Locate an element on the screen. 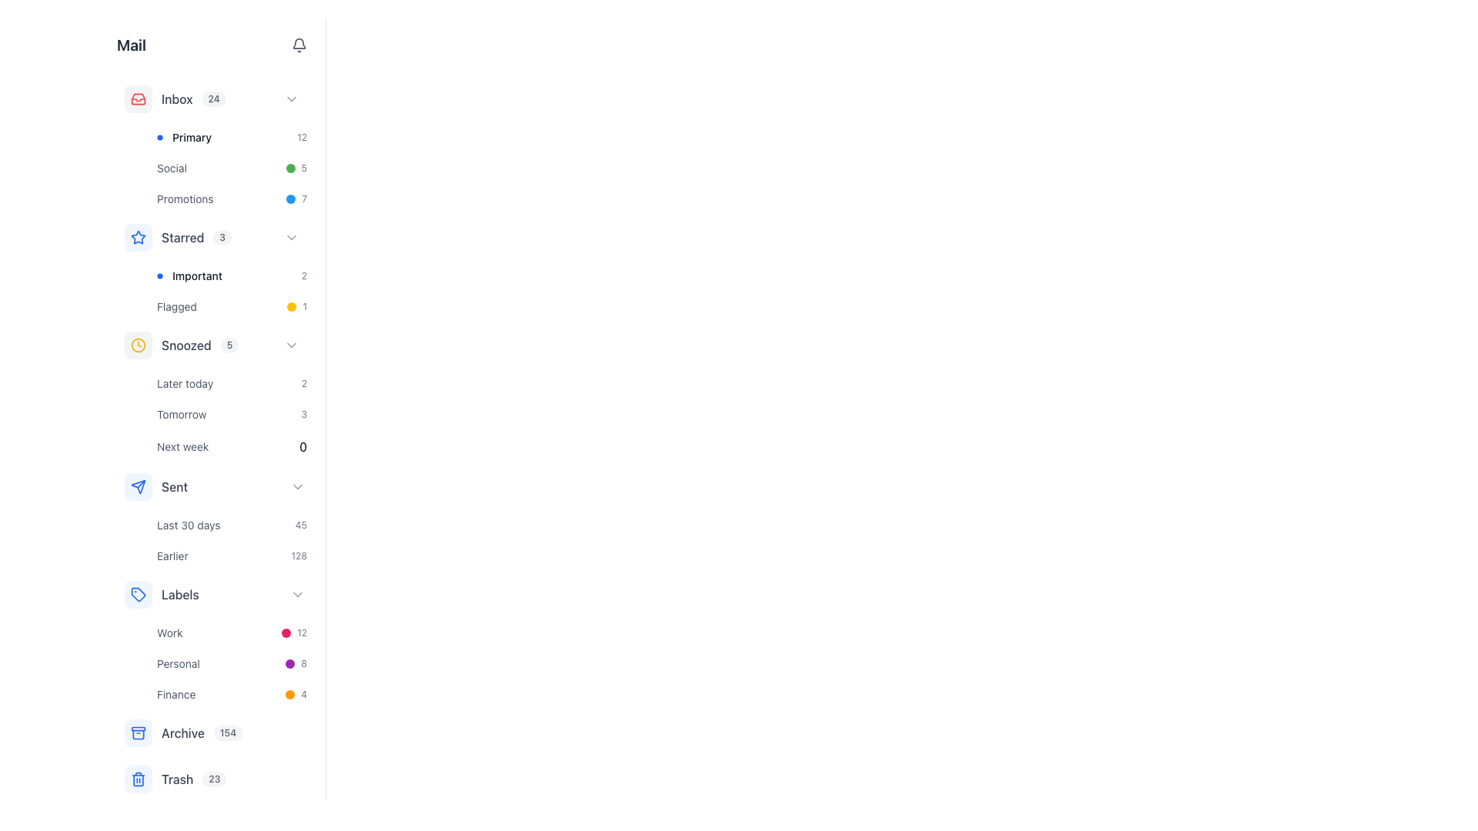  the status indicator with a green circular badge and the number '5', located in the 'Social' section of the sidebar navigation is located at coordinates (296, 169).